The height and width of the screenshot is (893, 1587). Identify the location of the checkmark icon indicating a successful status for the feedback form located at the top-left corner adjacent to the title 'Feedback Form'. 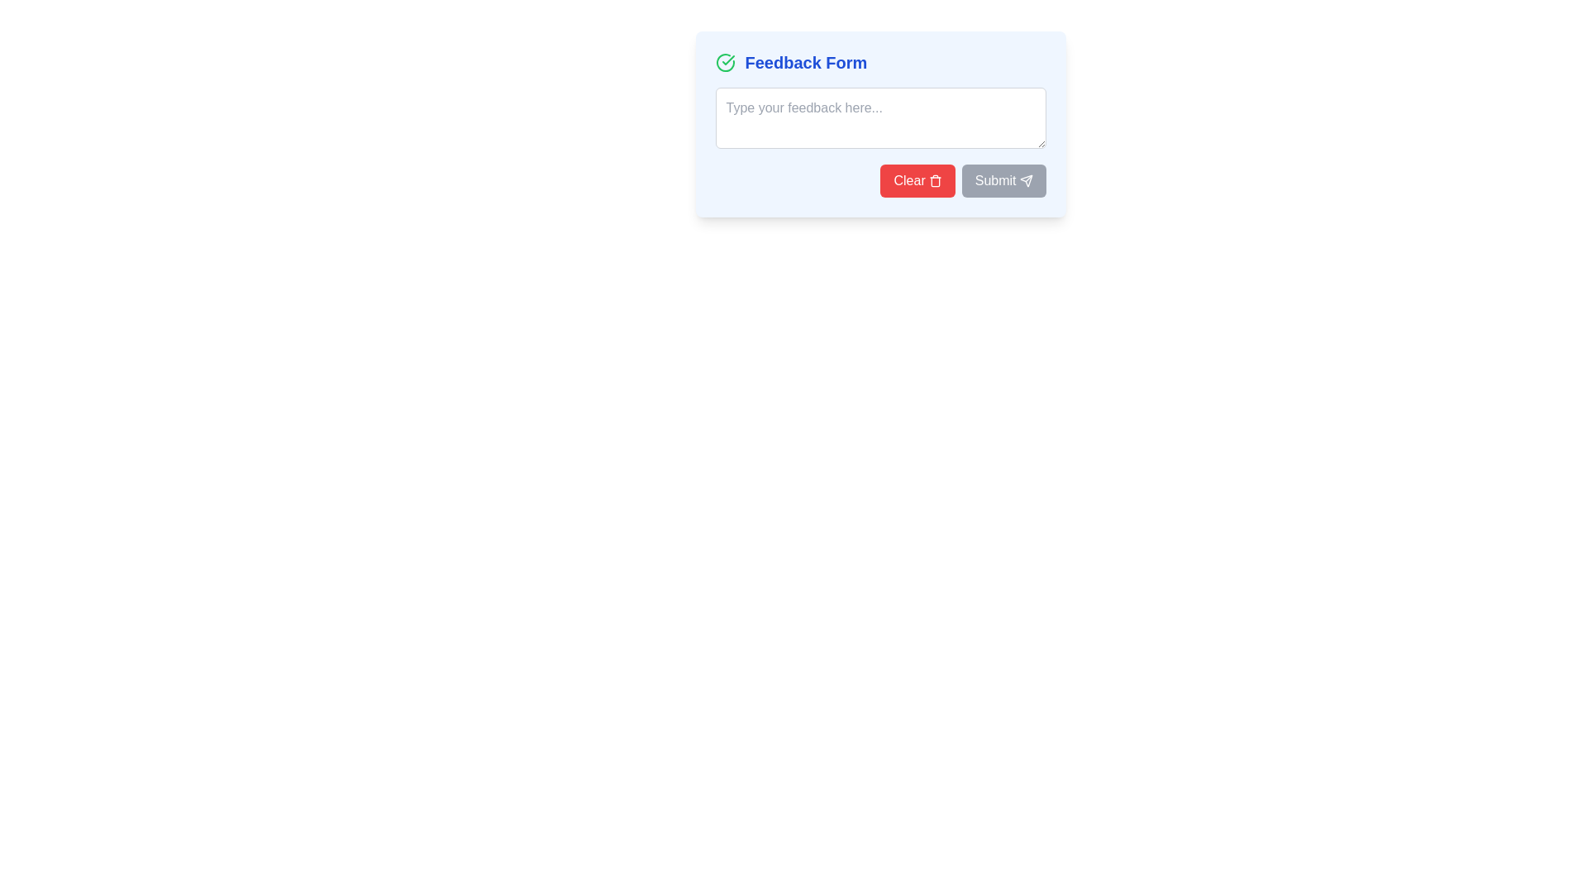
(725, 62).